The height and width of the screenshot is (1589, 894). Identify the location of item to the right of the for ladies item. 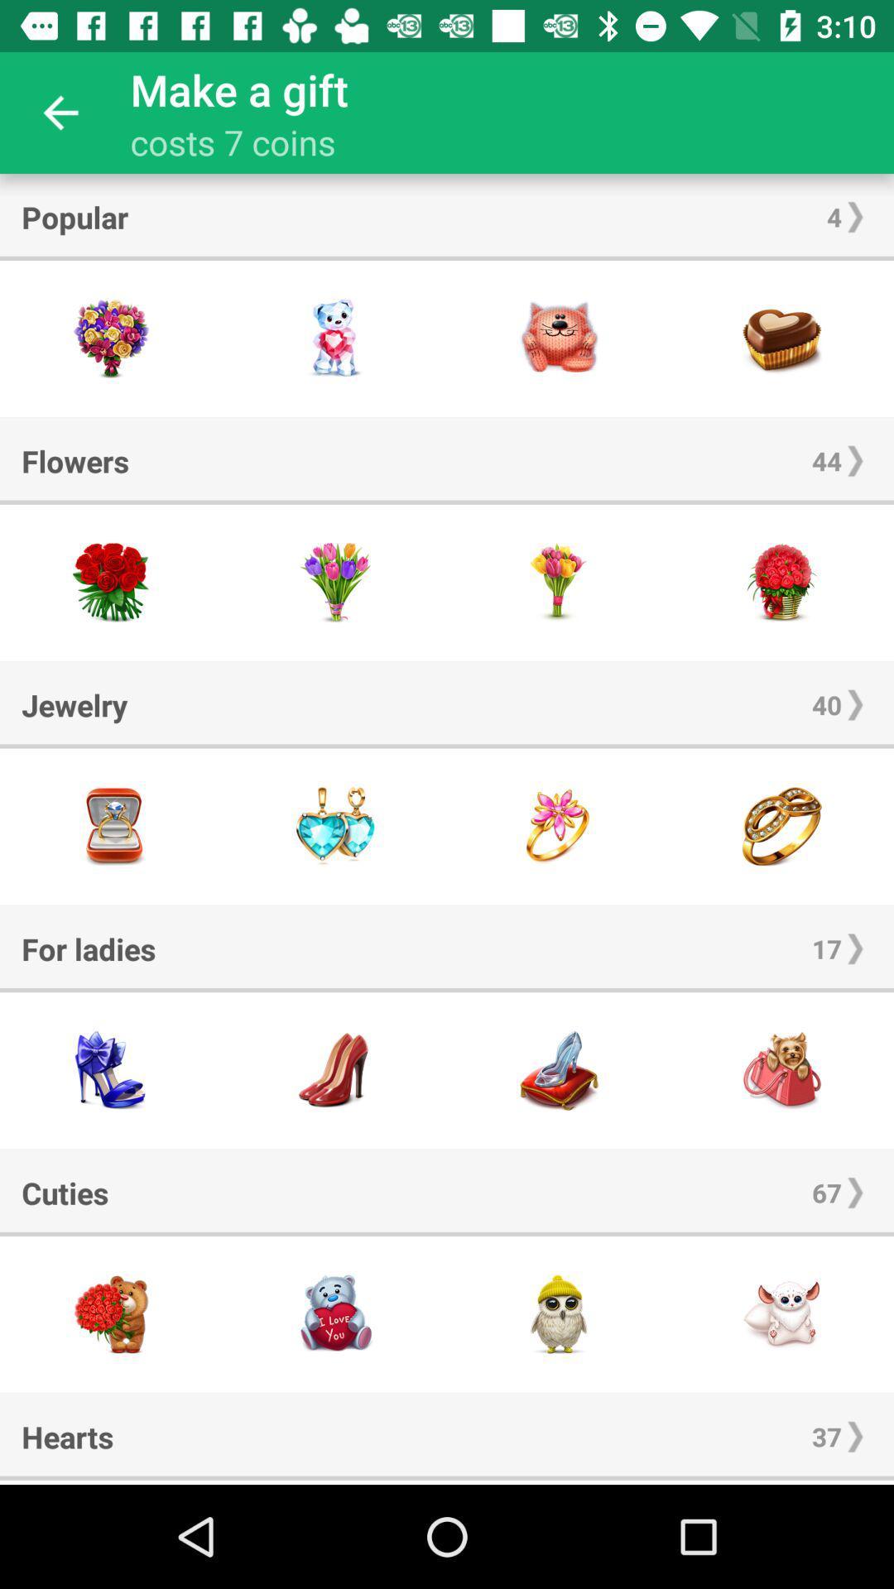
(827, 948).